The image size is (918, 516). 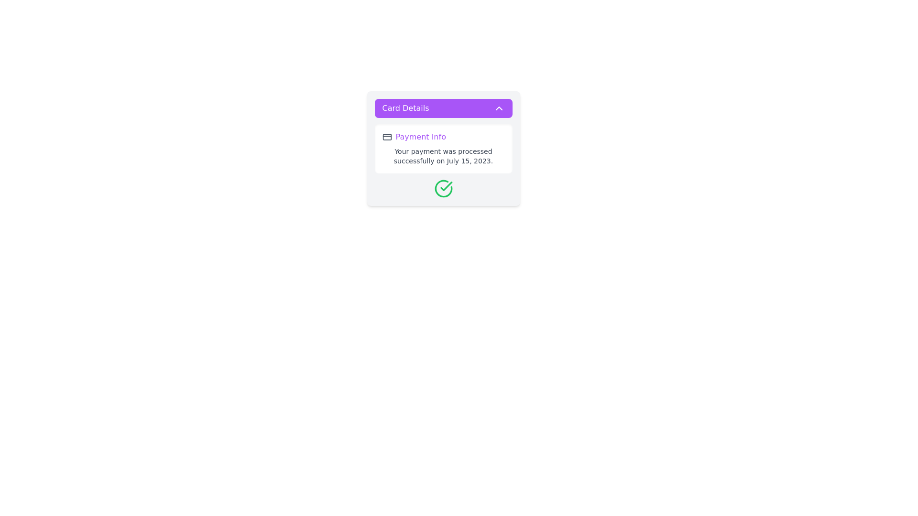 I want to click on the informational text block that displays the successful payment completion status, located below the 'Card Details' heading in a purple bar, so click(x=443, y=160).